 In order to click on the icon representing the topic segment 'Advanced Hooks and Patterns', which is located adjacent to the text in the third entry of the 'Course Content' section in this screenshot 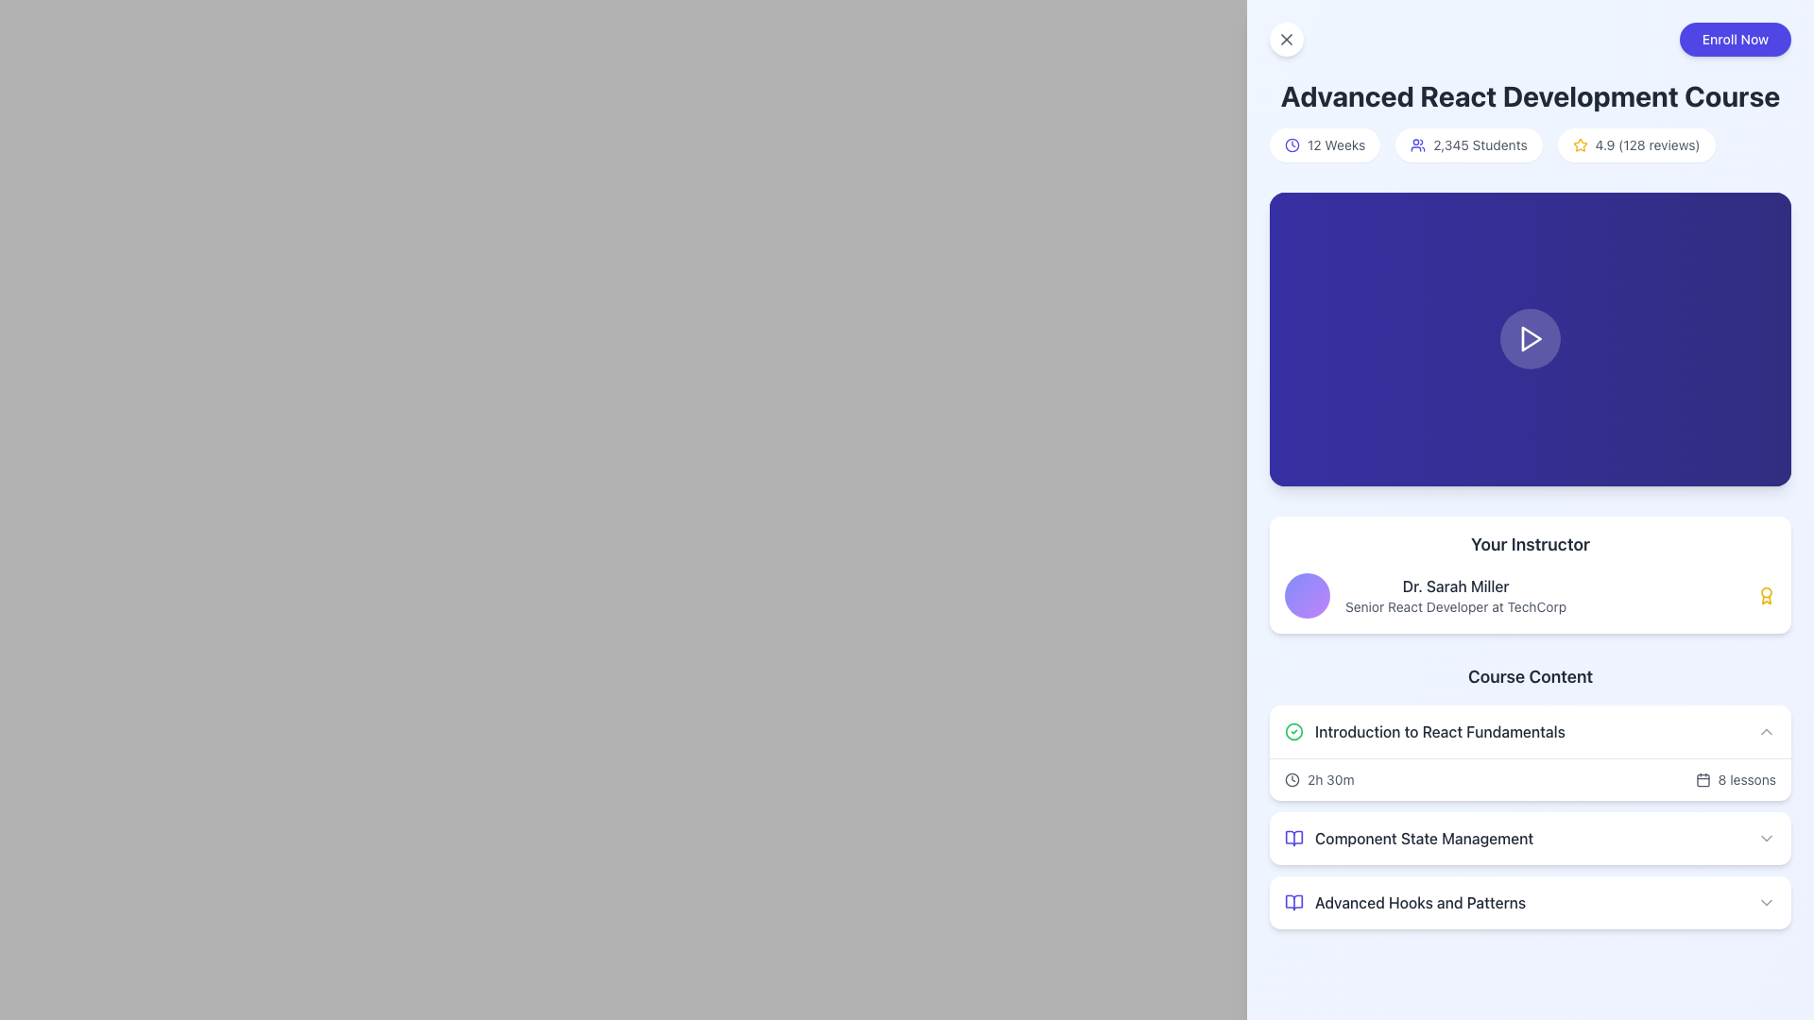, I will do `click(1292, 901)`.